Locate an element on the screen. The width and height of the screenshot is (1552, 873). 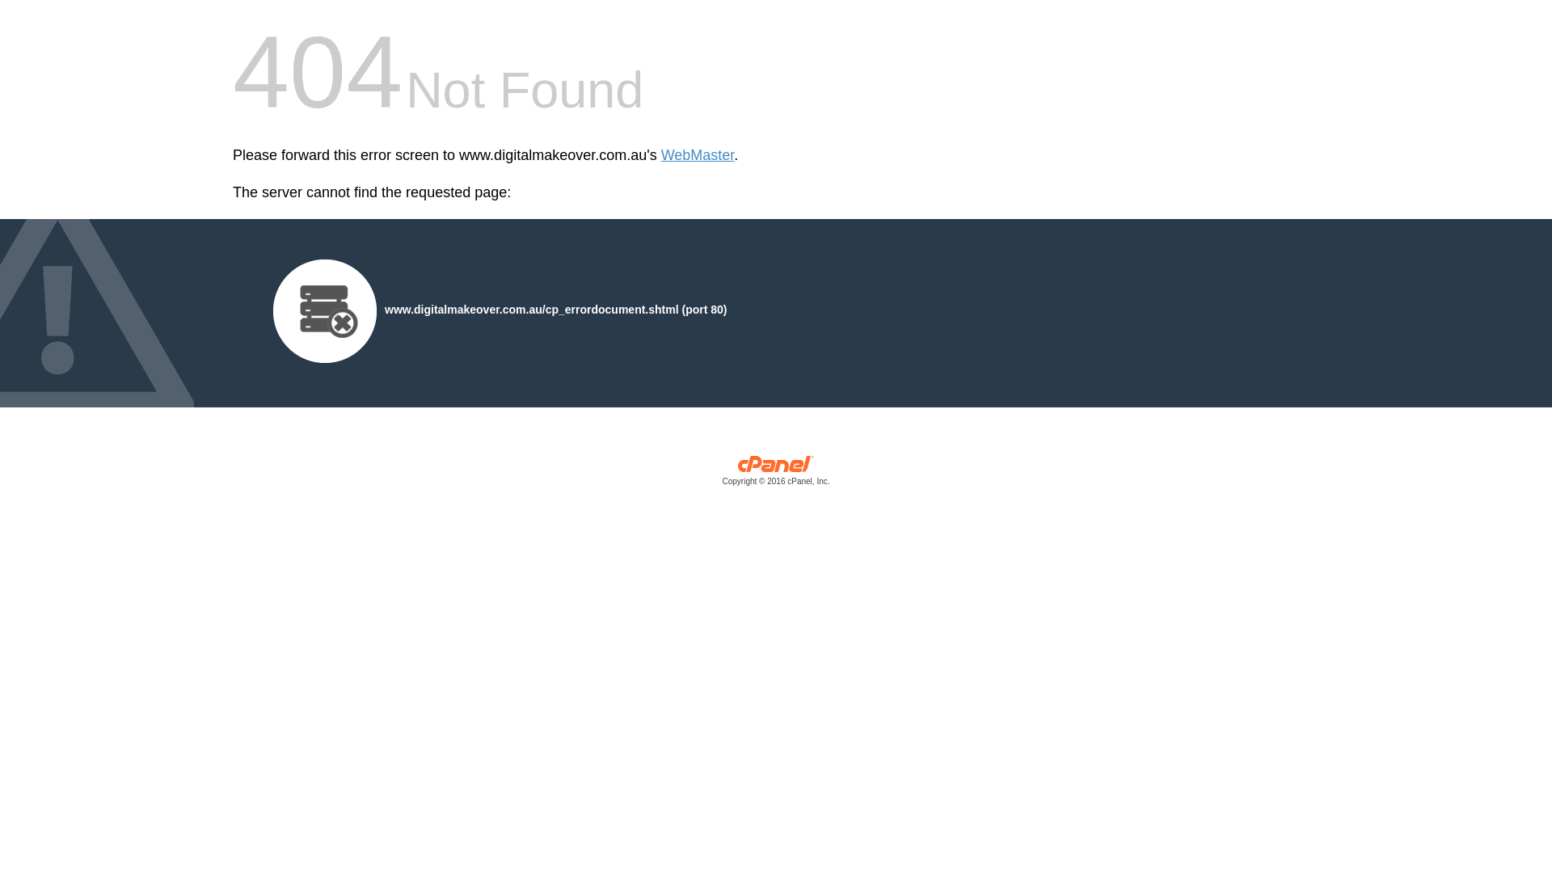
'WebMaster' is located at coordinates (698, 155).